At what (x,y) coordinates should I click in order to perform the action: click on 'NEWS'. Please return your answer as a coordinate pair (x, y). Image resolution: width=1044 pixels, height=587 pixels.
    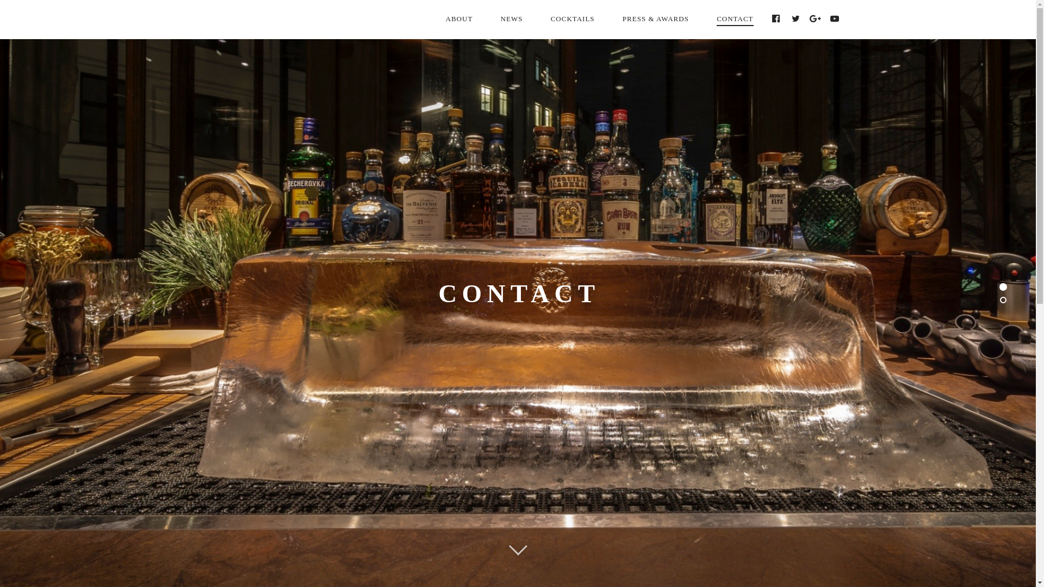
    Looking at the image, I should click on (511, 18).